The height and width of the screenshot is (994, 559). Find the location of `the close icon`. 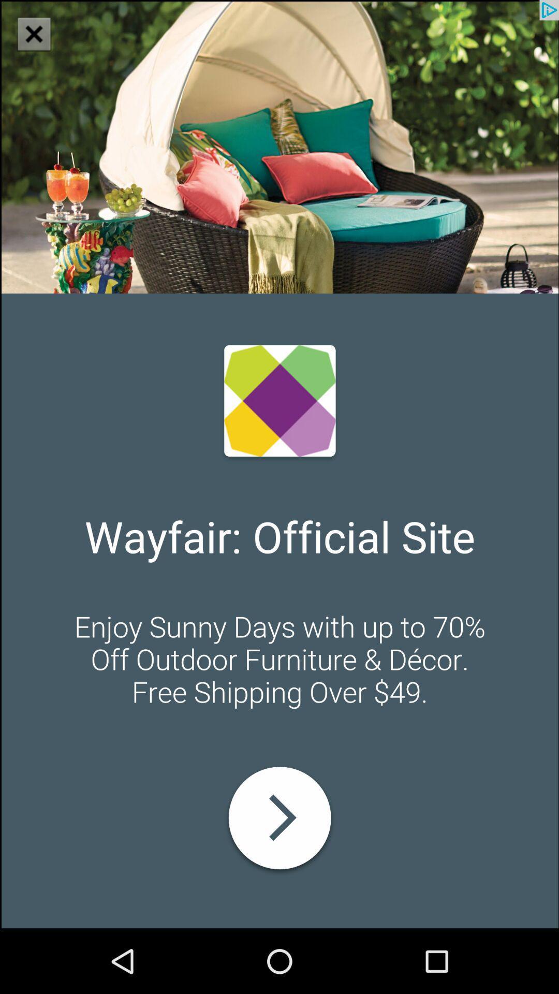

the close icon is located at coordinates (40, 40).